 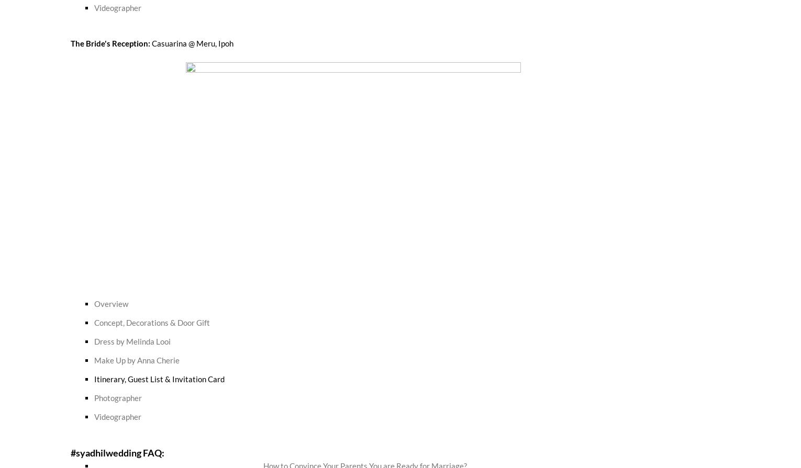 What do you see at coordinates (111, 302) in the screenshot?
I see `'Overview'` at bounding box center [111, 302].